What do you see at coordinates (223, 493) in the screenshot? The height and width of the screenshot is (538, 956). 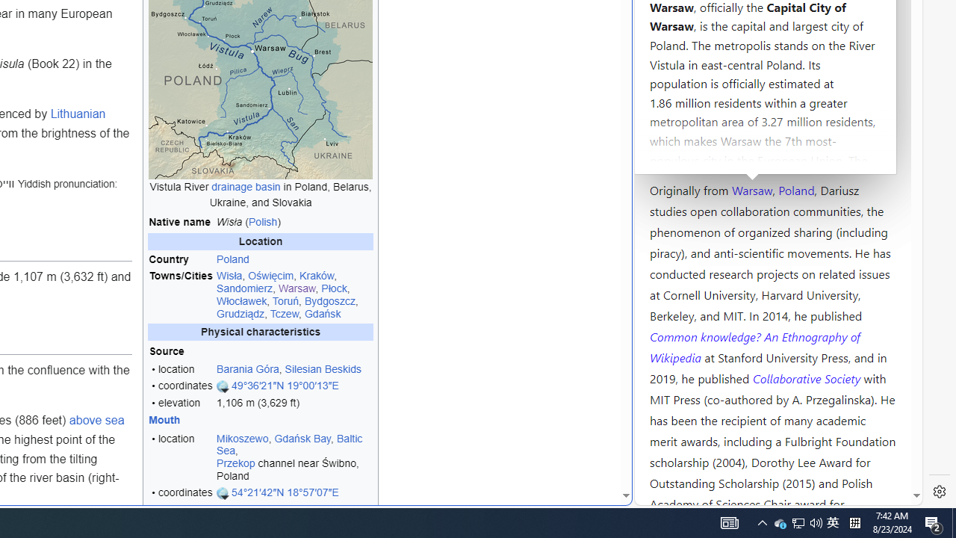 I see `'Show location on an interactive map'` at bounding box center [223, 493].